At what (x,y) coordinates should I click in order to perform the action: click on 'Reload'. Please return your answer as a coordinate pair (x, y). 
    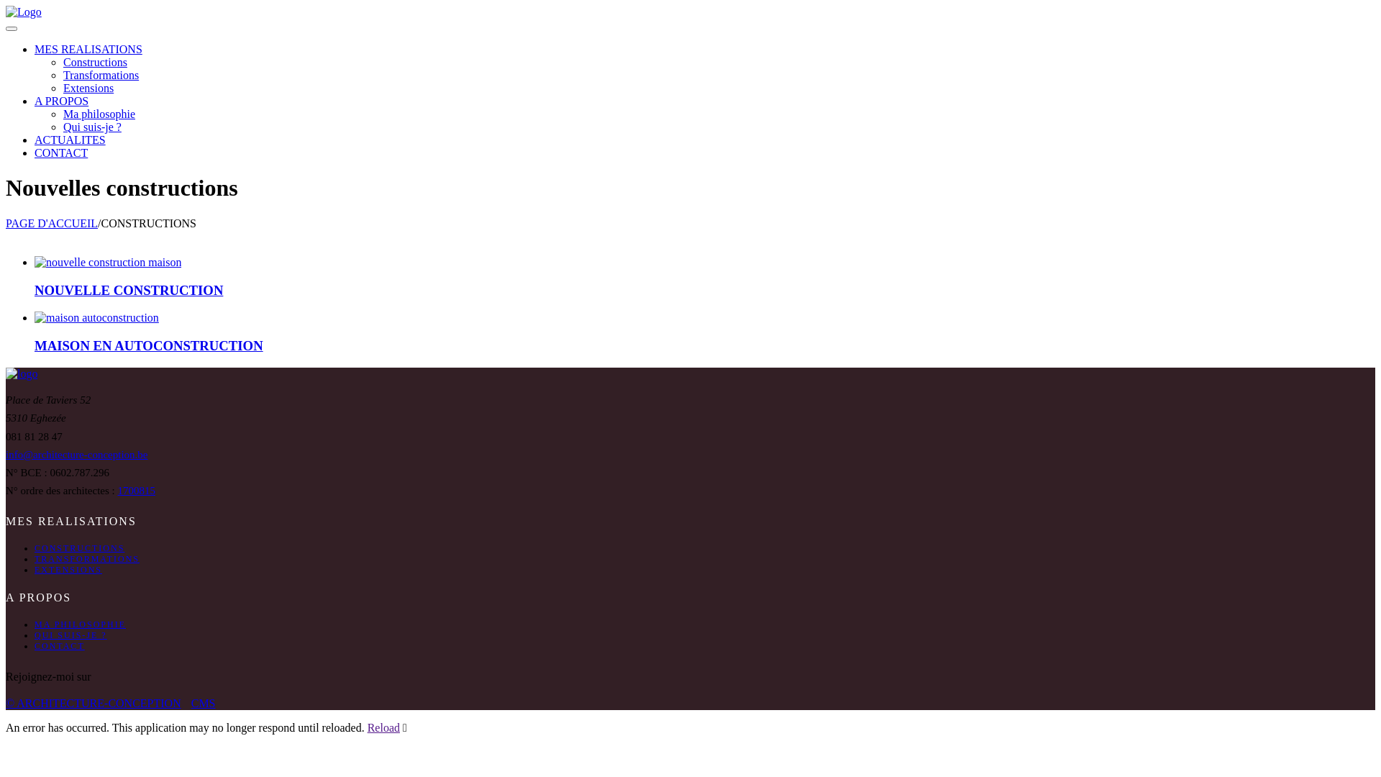
    Looking at the image, I should click on (383, 727).